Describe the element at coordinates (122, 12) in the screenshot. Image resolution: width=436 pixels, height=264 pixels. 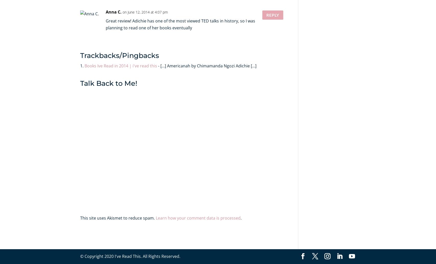
I see `'on June 12, 2014 at 4:07 pm'` at that location.